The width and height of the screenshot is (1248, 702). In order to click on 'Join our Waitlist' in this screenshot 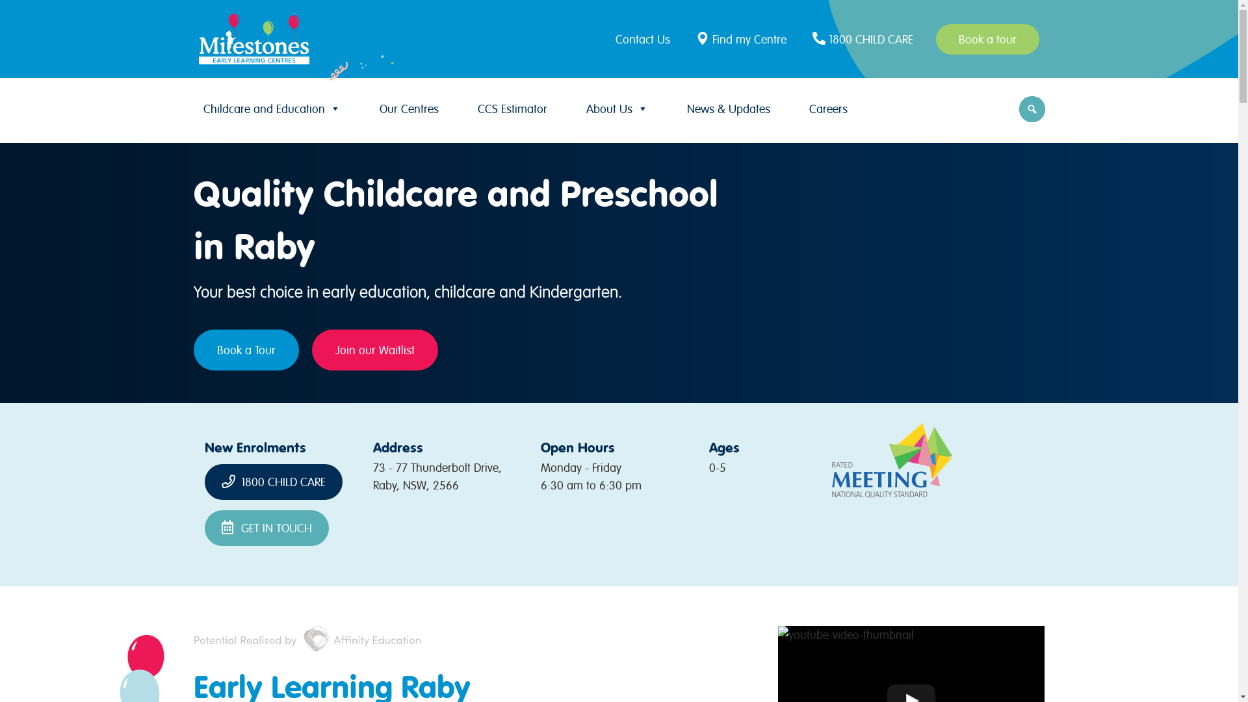, I will do `click(374, 349)`.